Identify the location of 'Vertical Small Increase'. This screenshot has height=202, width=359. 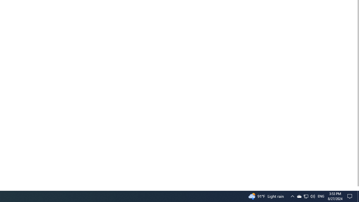
(356, 188).